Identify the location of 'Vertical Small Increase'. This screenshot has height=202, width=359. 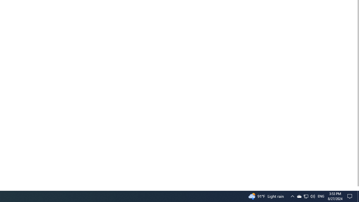
(356, 188).